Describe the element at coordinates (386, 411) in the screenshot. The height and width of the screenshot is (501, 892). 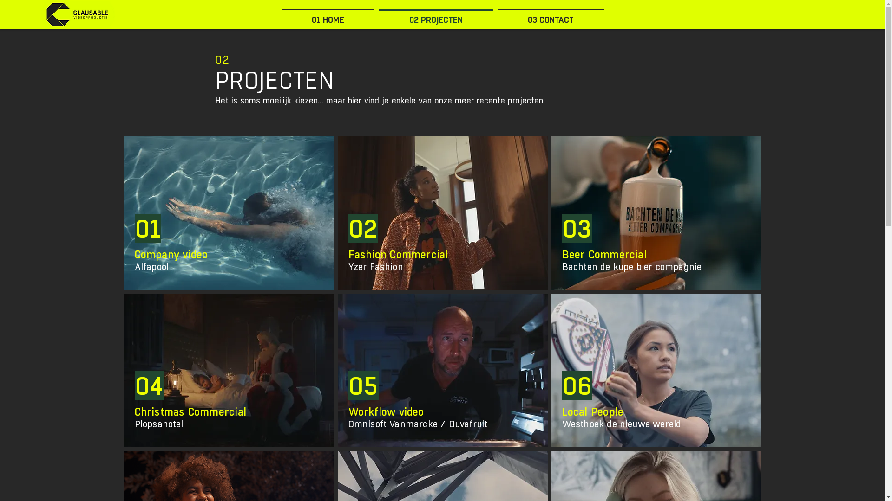
I see `'Workflow video'` at that location.